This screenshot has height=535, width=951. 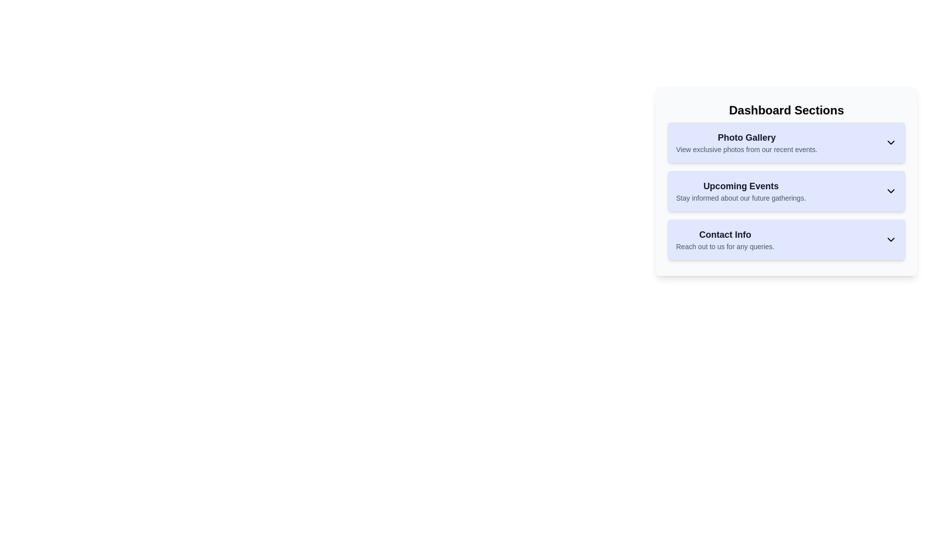 I want to click on the 'Photo Gallery' button, which has a light indigo background and includes a bold title and a downward-facing chevron icon, so click(x=786, y=143).